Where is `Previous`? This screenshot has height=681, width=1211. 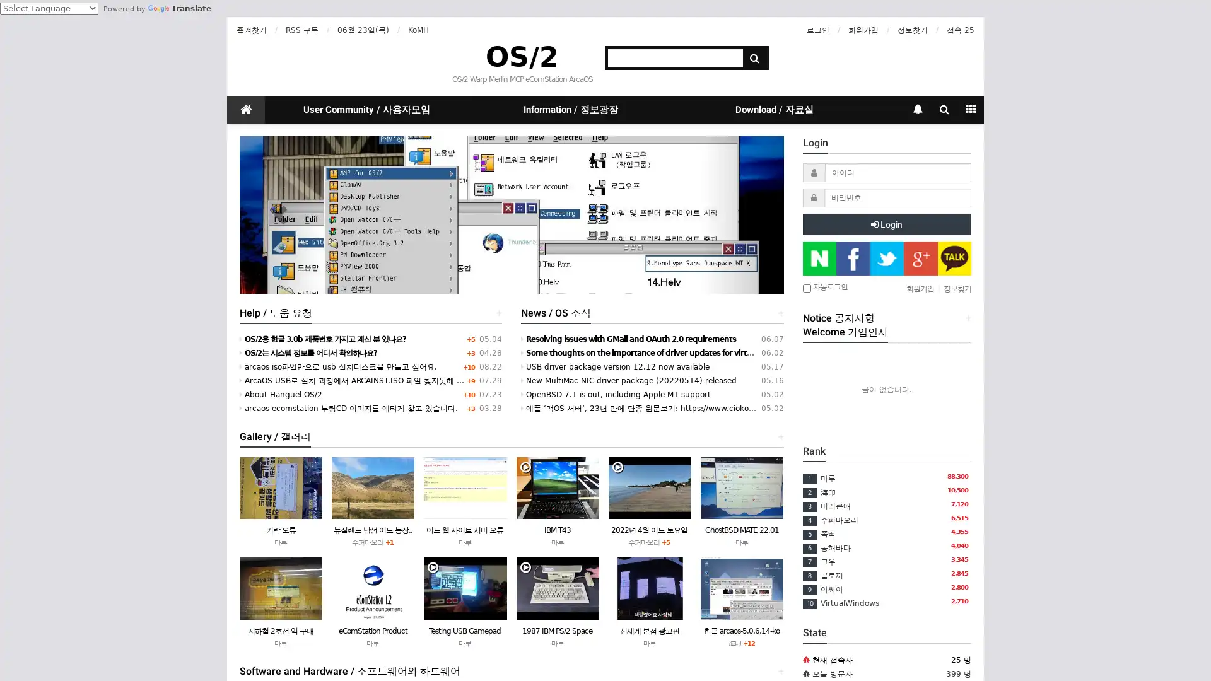 Previous is located at coordinates (279, 214).